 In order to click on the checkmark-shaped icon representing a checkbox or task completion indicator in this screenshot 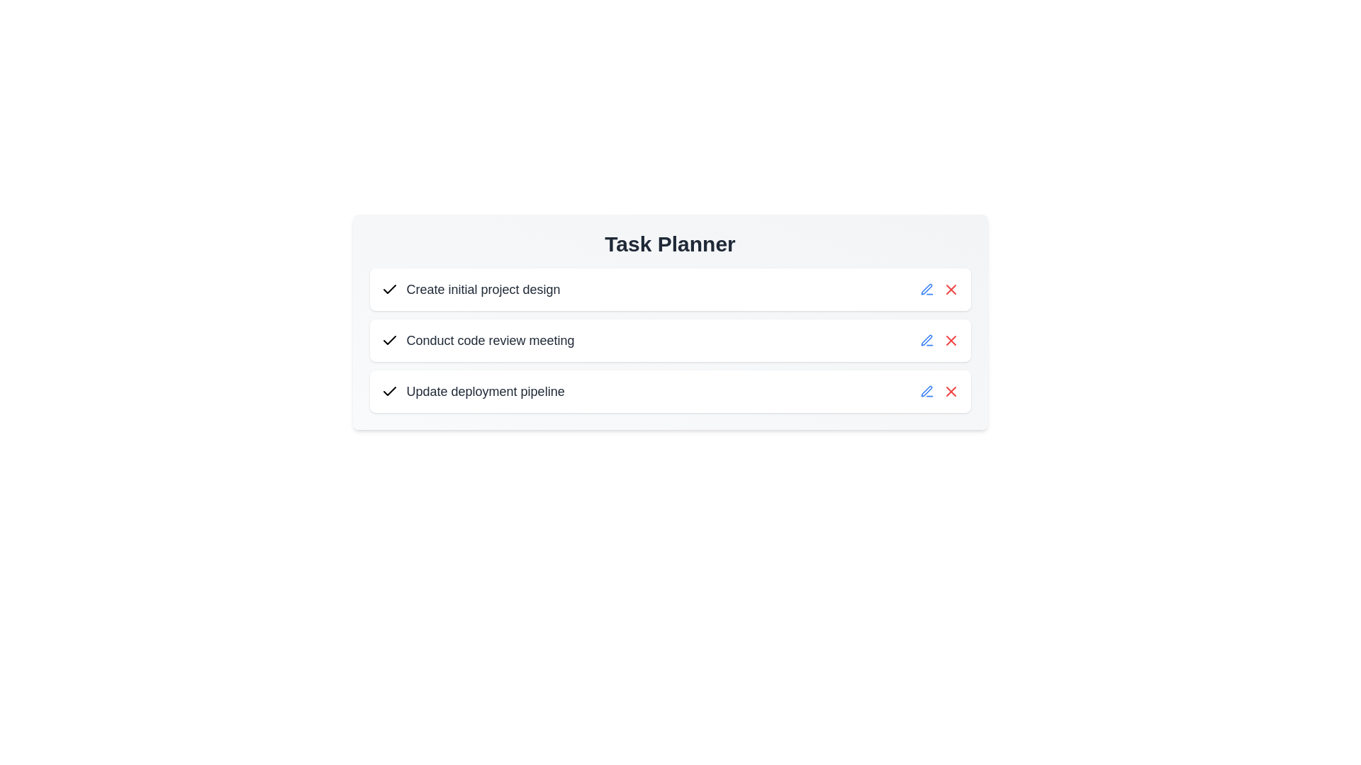, I will do `click(389, 341)`.